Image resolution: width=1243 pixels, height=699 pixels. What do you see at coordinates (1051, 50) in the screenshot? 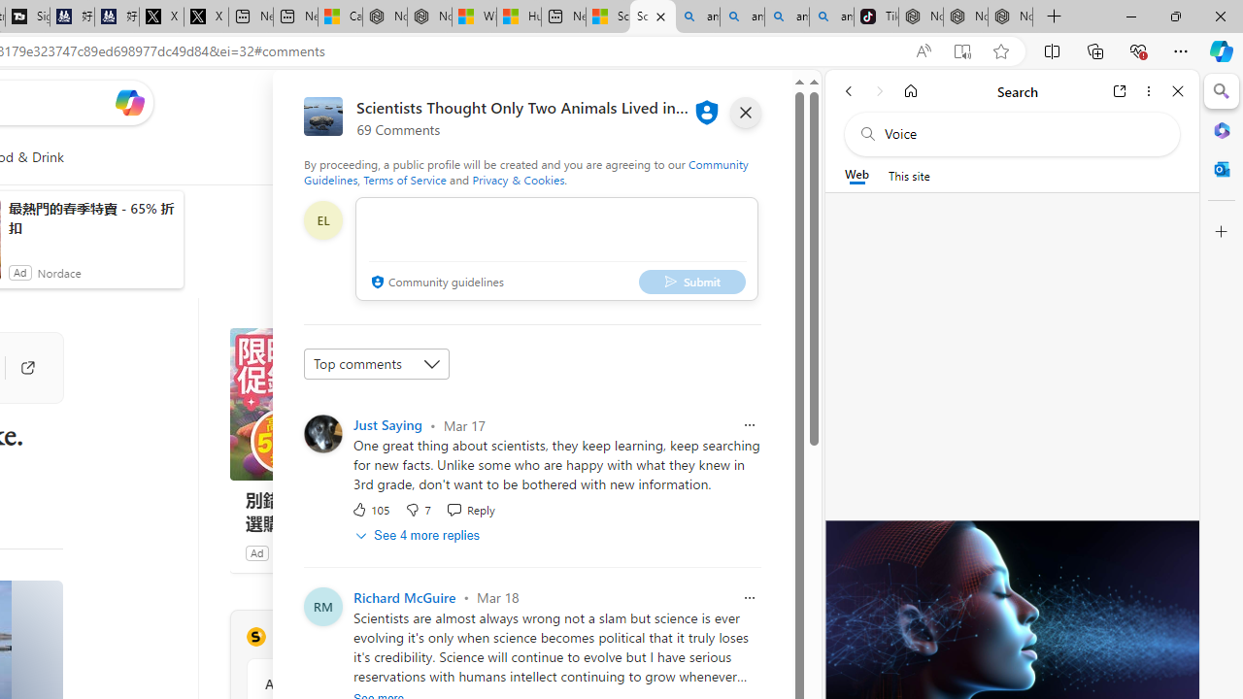
I see `'Split screen'` at bounding box center [1051, 50].